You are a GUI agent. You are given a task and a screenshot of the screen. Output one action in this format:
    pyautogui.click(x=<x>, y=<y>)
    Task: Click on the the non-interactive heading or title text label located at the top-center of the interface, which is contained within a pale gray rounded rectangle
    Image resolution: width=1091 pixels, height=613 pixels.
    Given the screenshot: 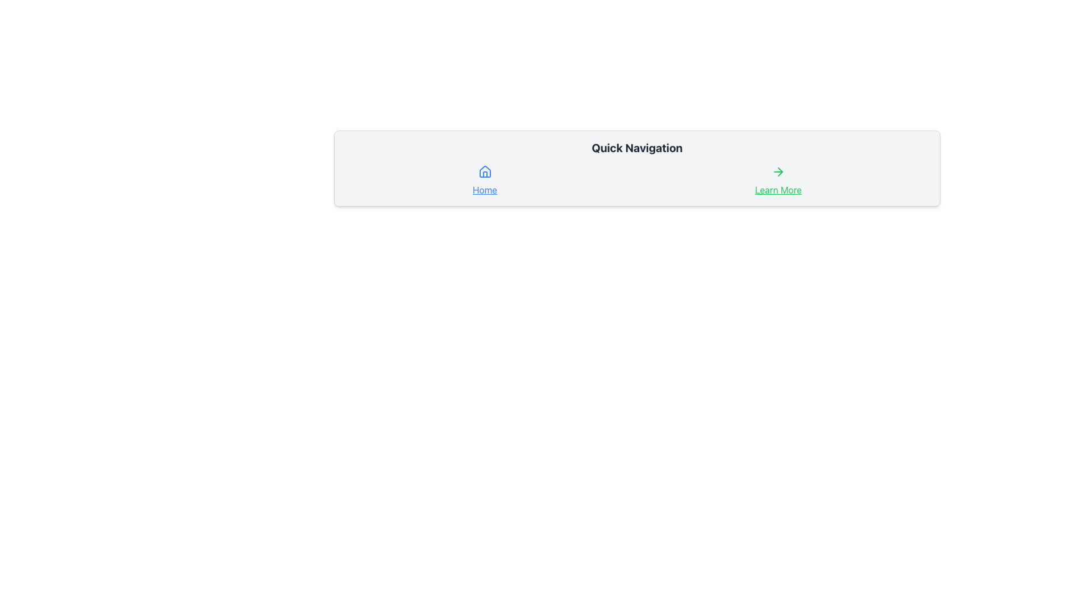 What is the action you would take?
    pyautogui.click(x=637, y=148)
    